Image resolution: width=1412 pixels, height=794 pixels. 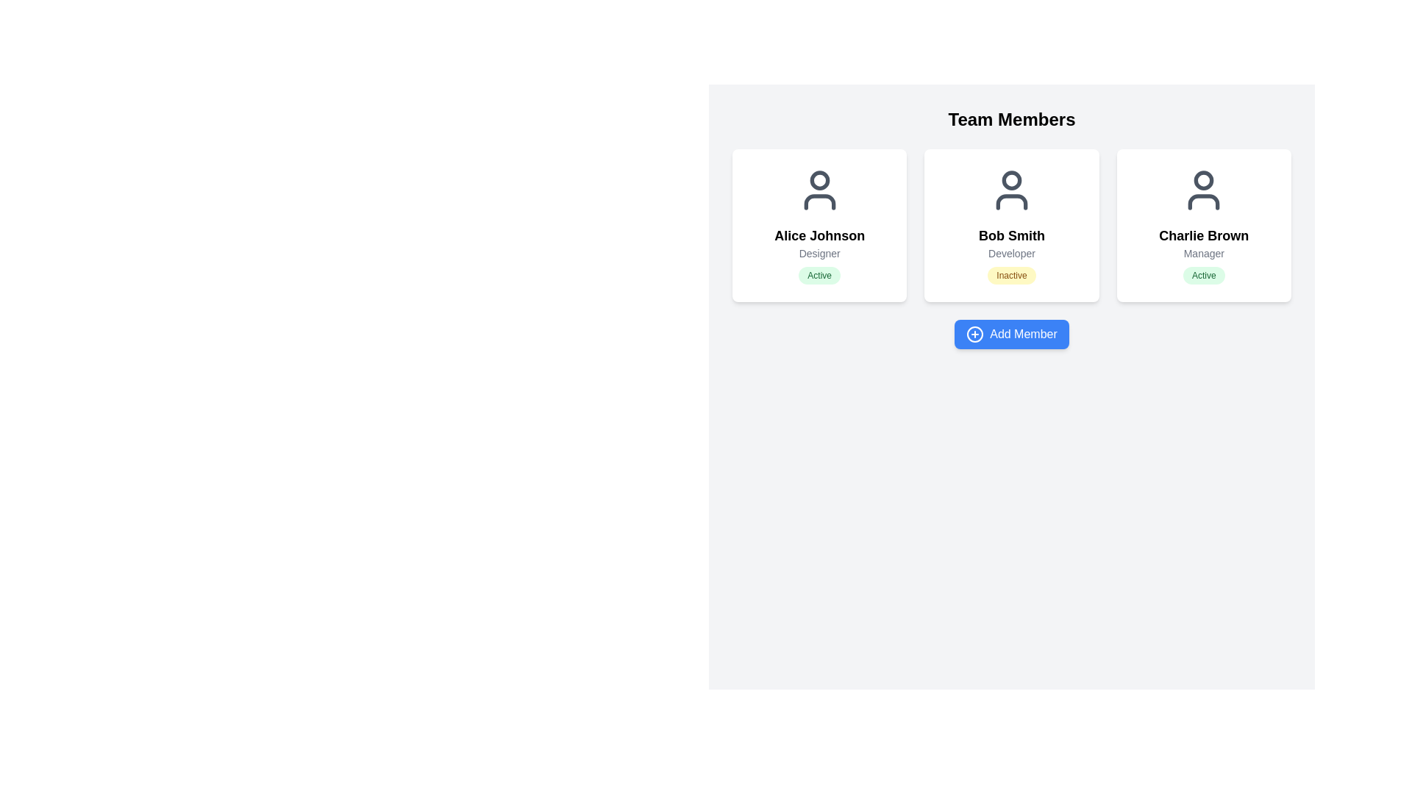 I want to click on the 'Team Members' header text, which is bold and large, centered at the top of the interface, so click(x=1011, y=118).